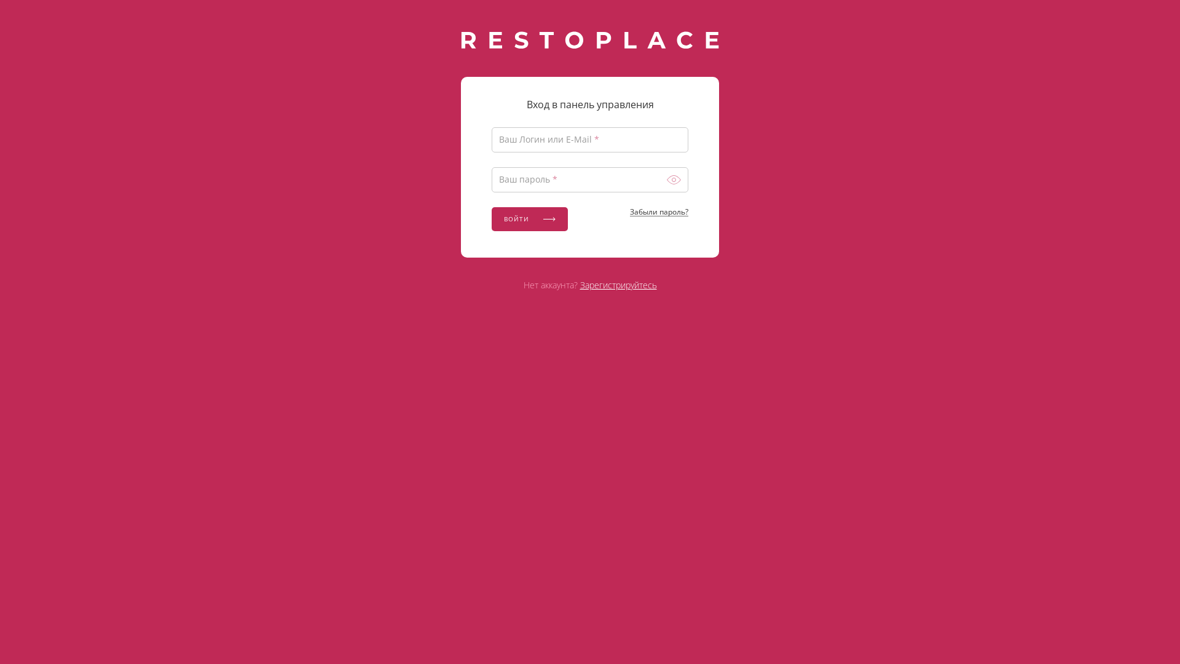 The height and width of the screenshot is (664, 1180). I want to click on 'RESTOPLACE', so click(590, 39).